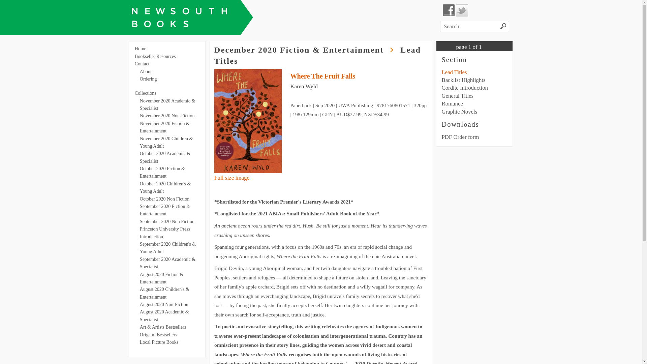 Image resolution: width=647 pixels, height=364 pixels. I want to click on 'Contact', so click(142, 64).